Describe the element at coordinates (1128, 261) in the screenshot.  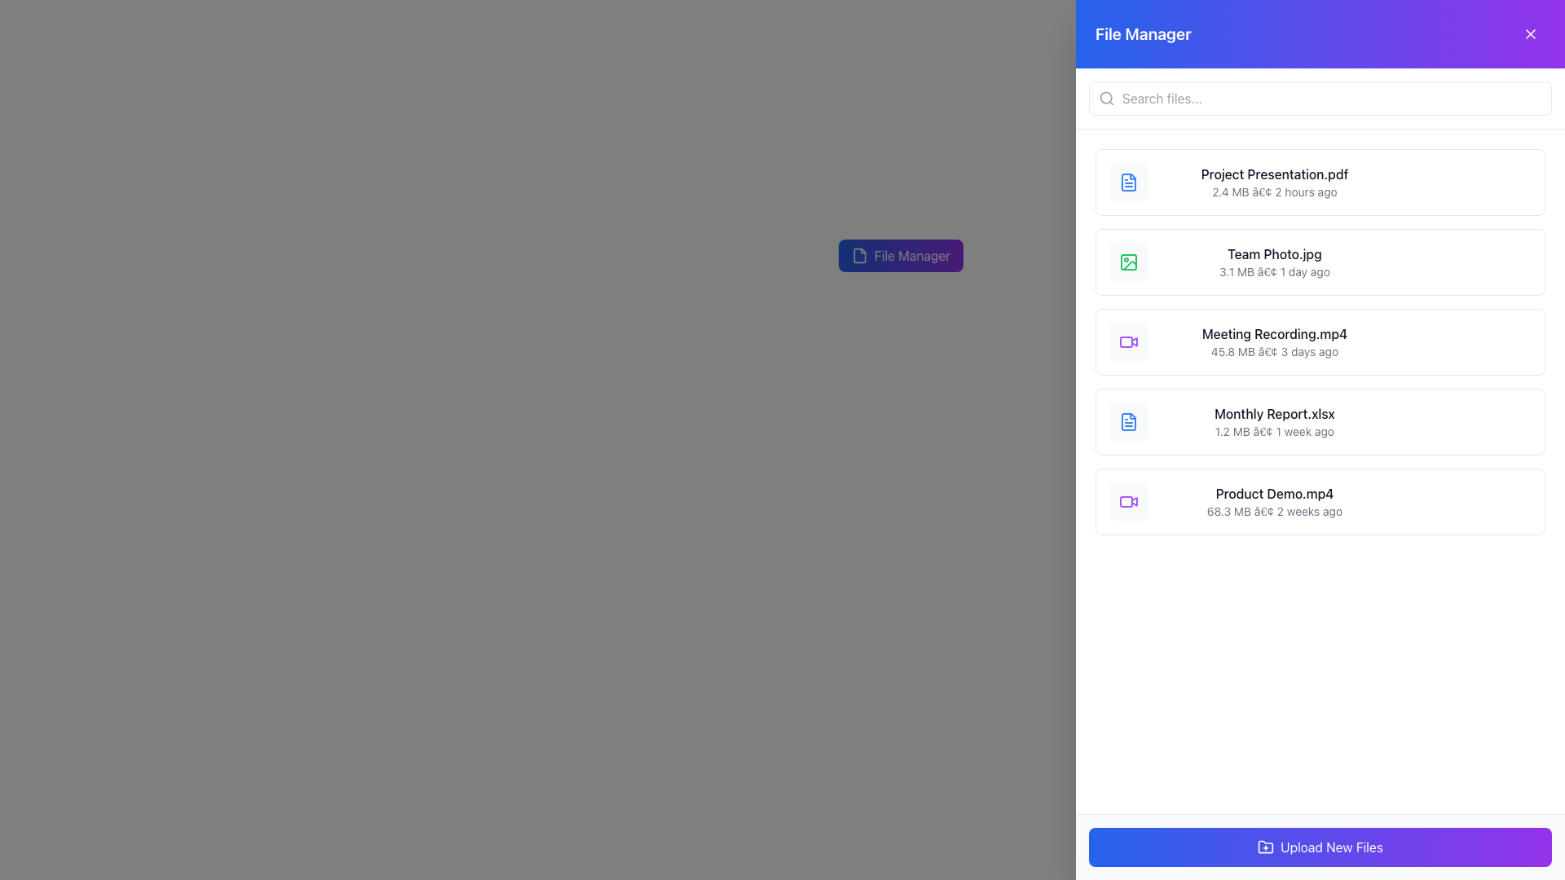
I see `the green SVG icon resembling a picture, located to the left of 'Team Photo.jpg' in the second row of the file list in the 'File Manager'` at that location.